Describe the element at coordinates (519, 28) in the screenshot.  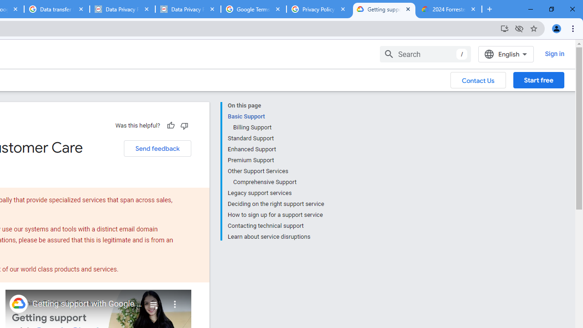
I see `'Third-party cookies blocked'` at that location.